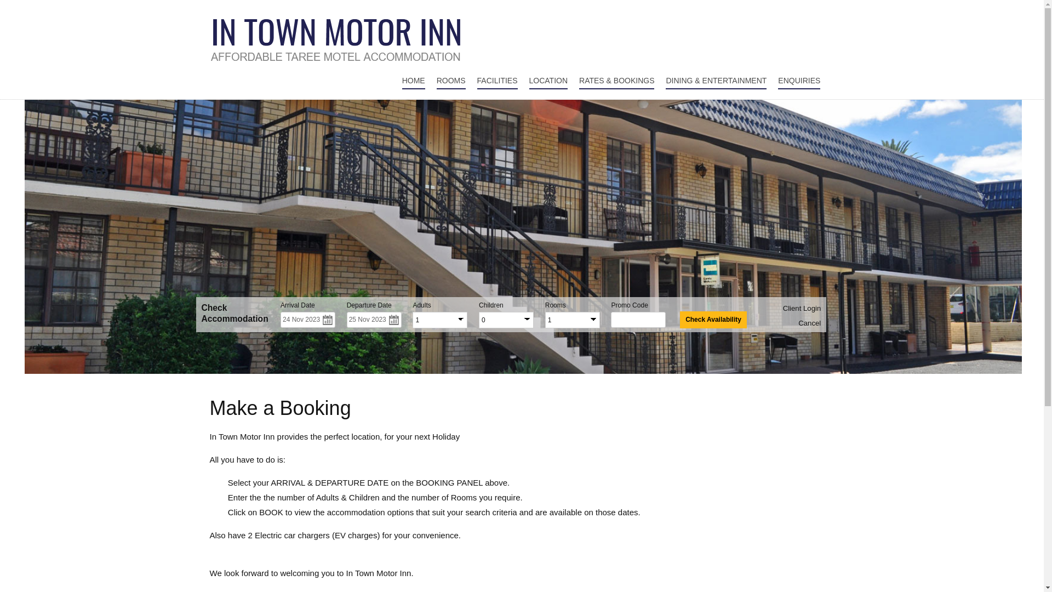 This screenshot has height=592, width=1052. What do you see at coordinates (809, 322) in the screenshot?
I see `'Cancel'` at bounding box center [809, 322].